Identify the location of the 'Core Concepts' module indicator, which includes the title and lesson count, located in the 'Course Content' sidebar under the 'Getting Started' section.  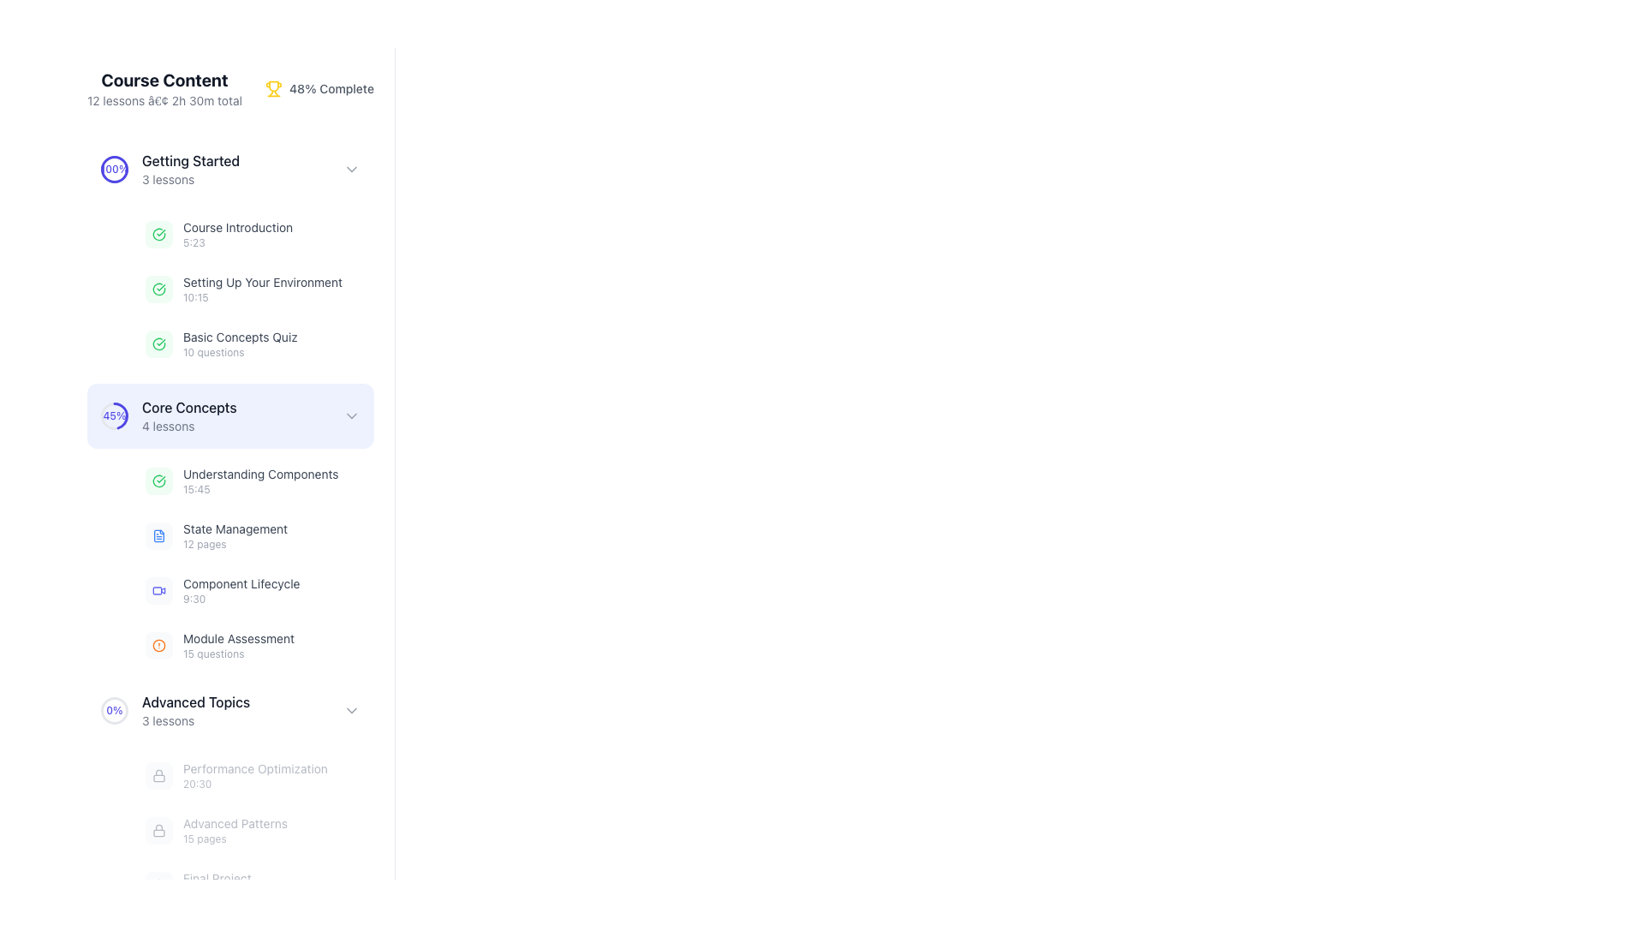
(189, 416).